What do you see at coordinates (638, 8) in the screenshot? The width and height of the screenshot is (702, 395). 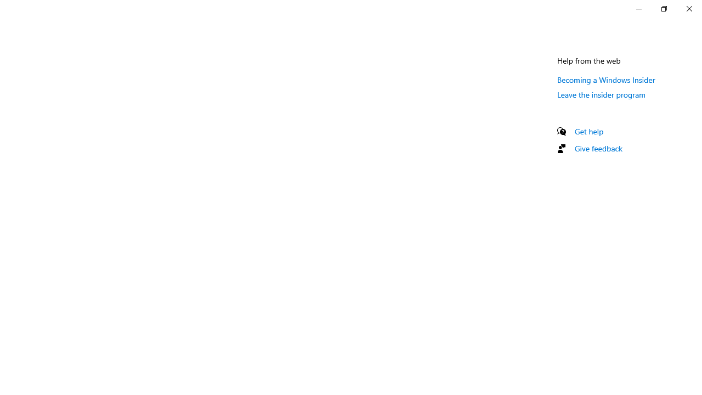 I see `'Minimize Settings'` at bounding box center [638, 8].